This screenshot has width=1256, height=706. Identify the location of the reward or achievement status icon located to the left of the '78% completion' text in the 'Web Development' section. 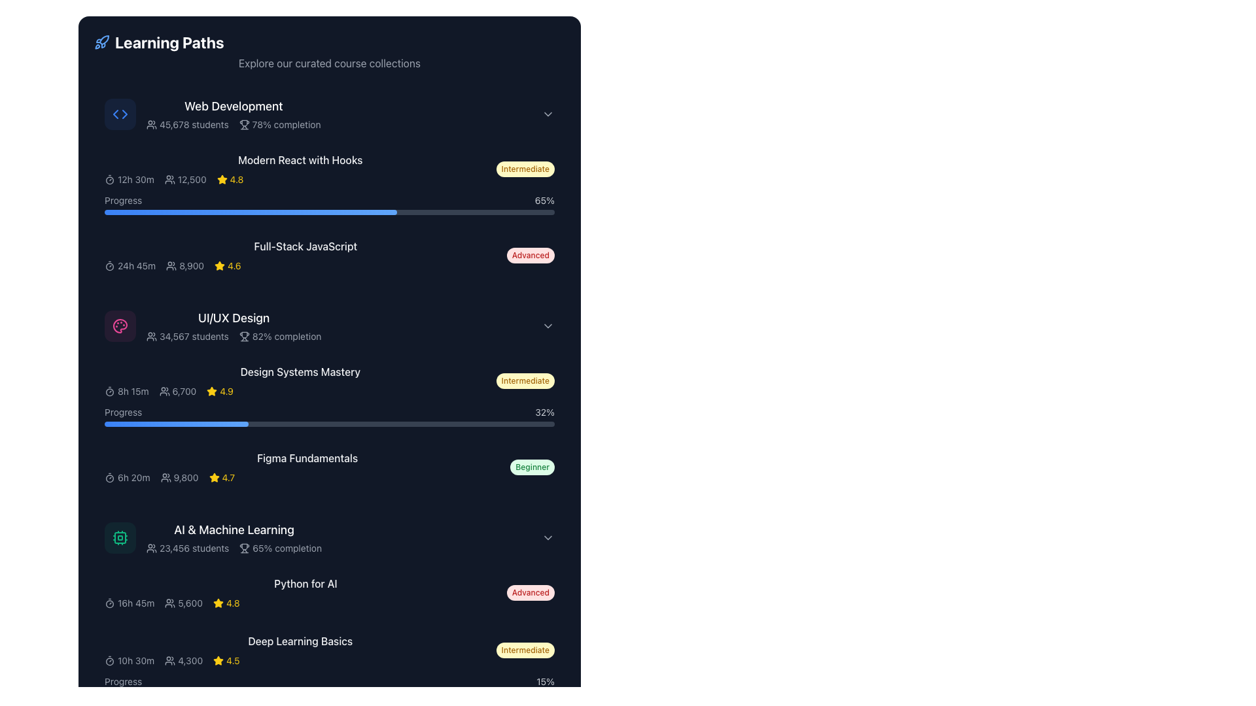
(244, 125).